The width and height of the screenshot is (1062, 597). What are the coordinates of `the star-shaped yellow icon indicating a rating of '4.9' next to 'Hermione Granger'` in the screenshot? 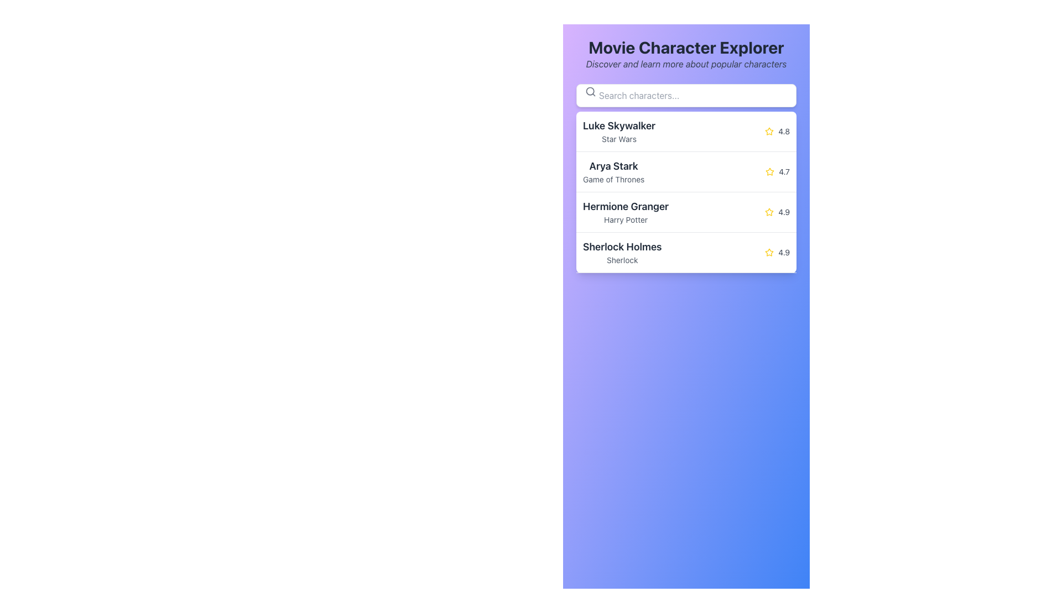 It's located at (769, 212).